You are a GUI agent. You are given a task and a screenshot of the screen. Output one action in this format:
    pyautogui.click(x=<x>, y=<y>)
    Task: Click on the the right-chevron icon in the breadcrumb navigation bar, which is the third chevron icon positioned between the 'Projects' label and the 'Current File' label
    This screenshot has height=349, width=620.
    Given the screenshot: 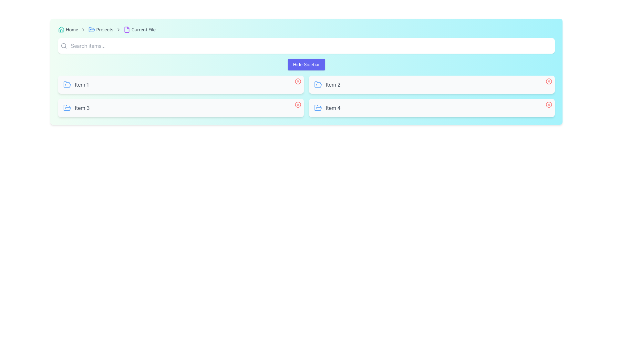 What is the action you would take?
    pyautogui.click(x=119, y=30)
    